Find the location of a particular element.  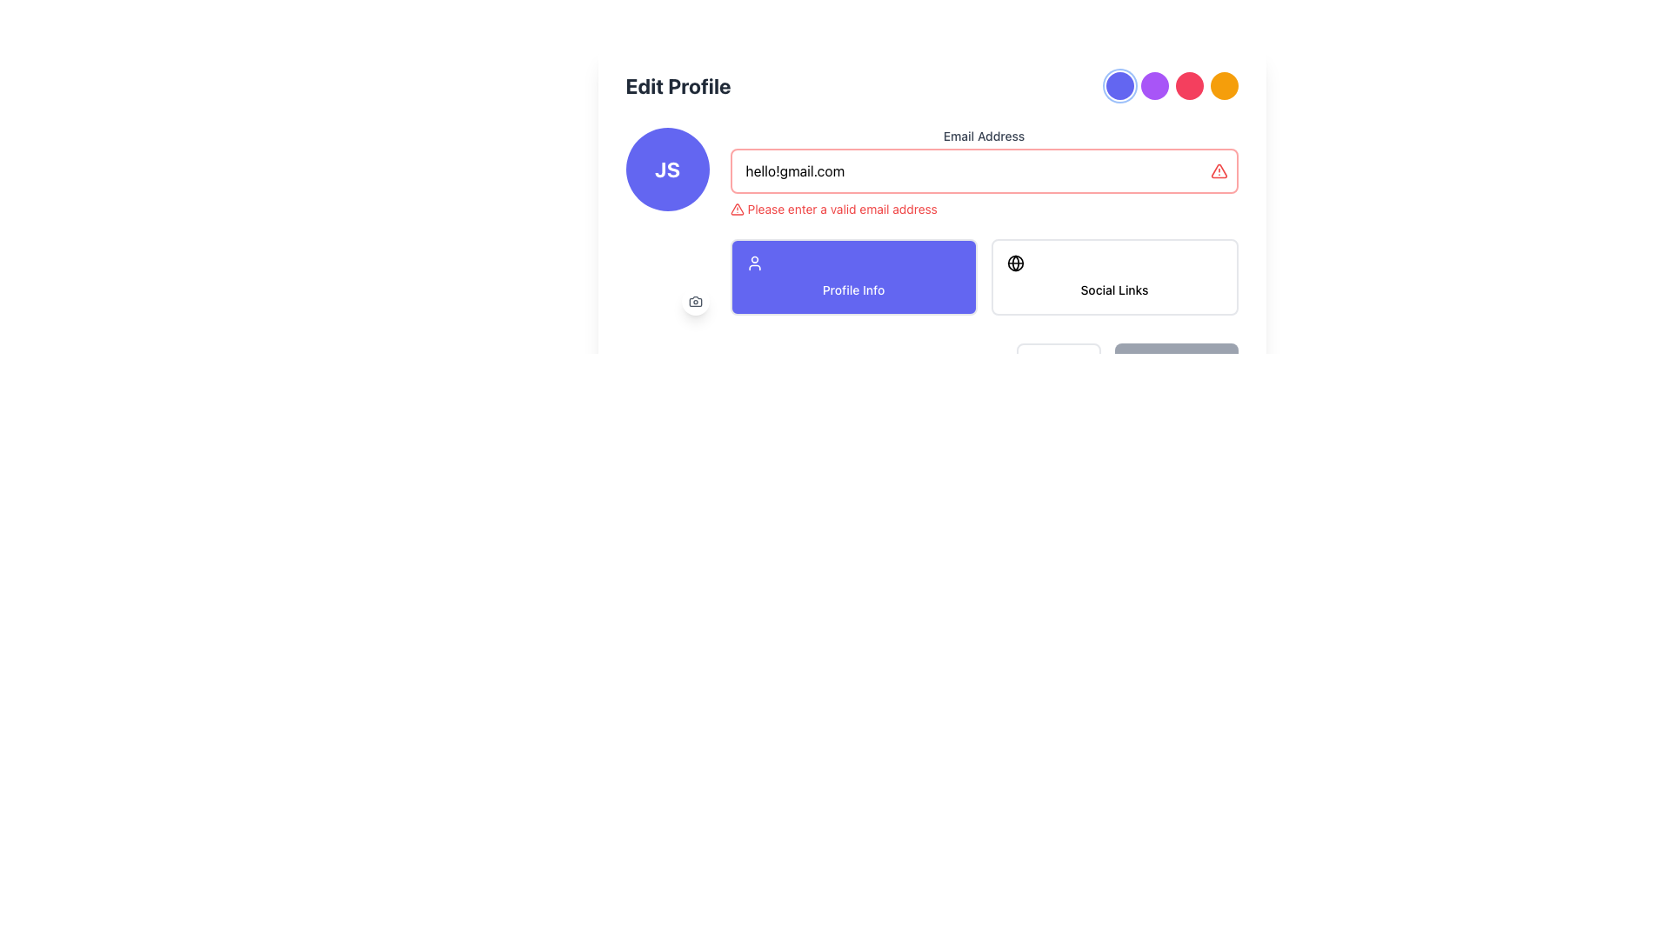

the circular button at the bottom-right corner of the profile avatar is located at coordinates (694, 301).